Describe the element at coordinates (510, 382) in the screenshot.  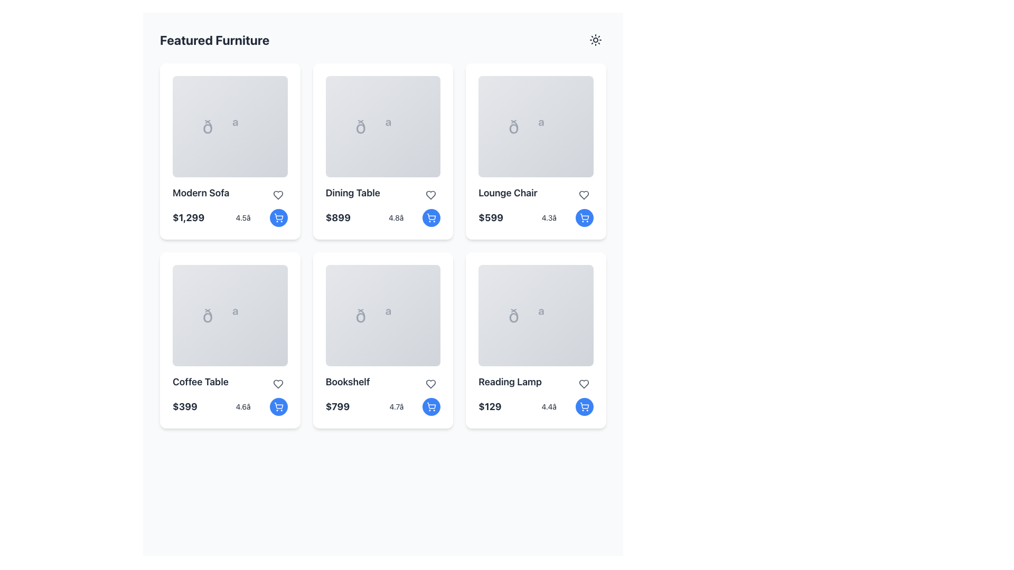
I see `the 'Reading Lamp' text label, which is prominently displayed in a large, bold font above the price label within the sixth card of the furniture items grid` at that location.